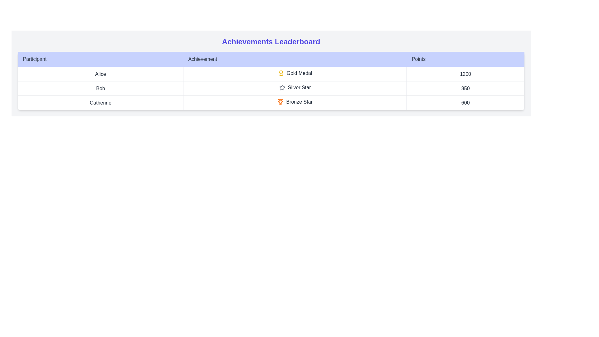 This screenshot has width=599, height=337. What do you see at coordinates (465, 102) in the screenshot?
I see `the text element displaying '600', which is styled with a gray font and located in the last row and last column of the 'Achievements Leaderboard' table for participant 'Catherine'` at bounding box center [465, 102].